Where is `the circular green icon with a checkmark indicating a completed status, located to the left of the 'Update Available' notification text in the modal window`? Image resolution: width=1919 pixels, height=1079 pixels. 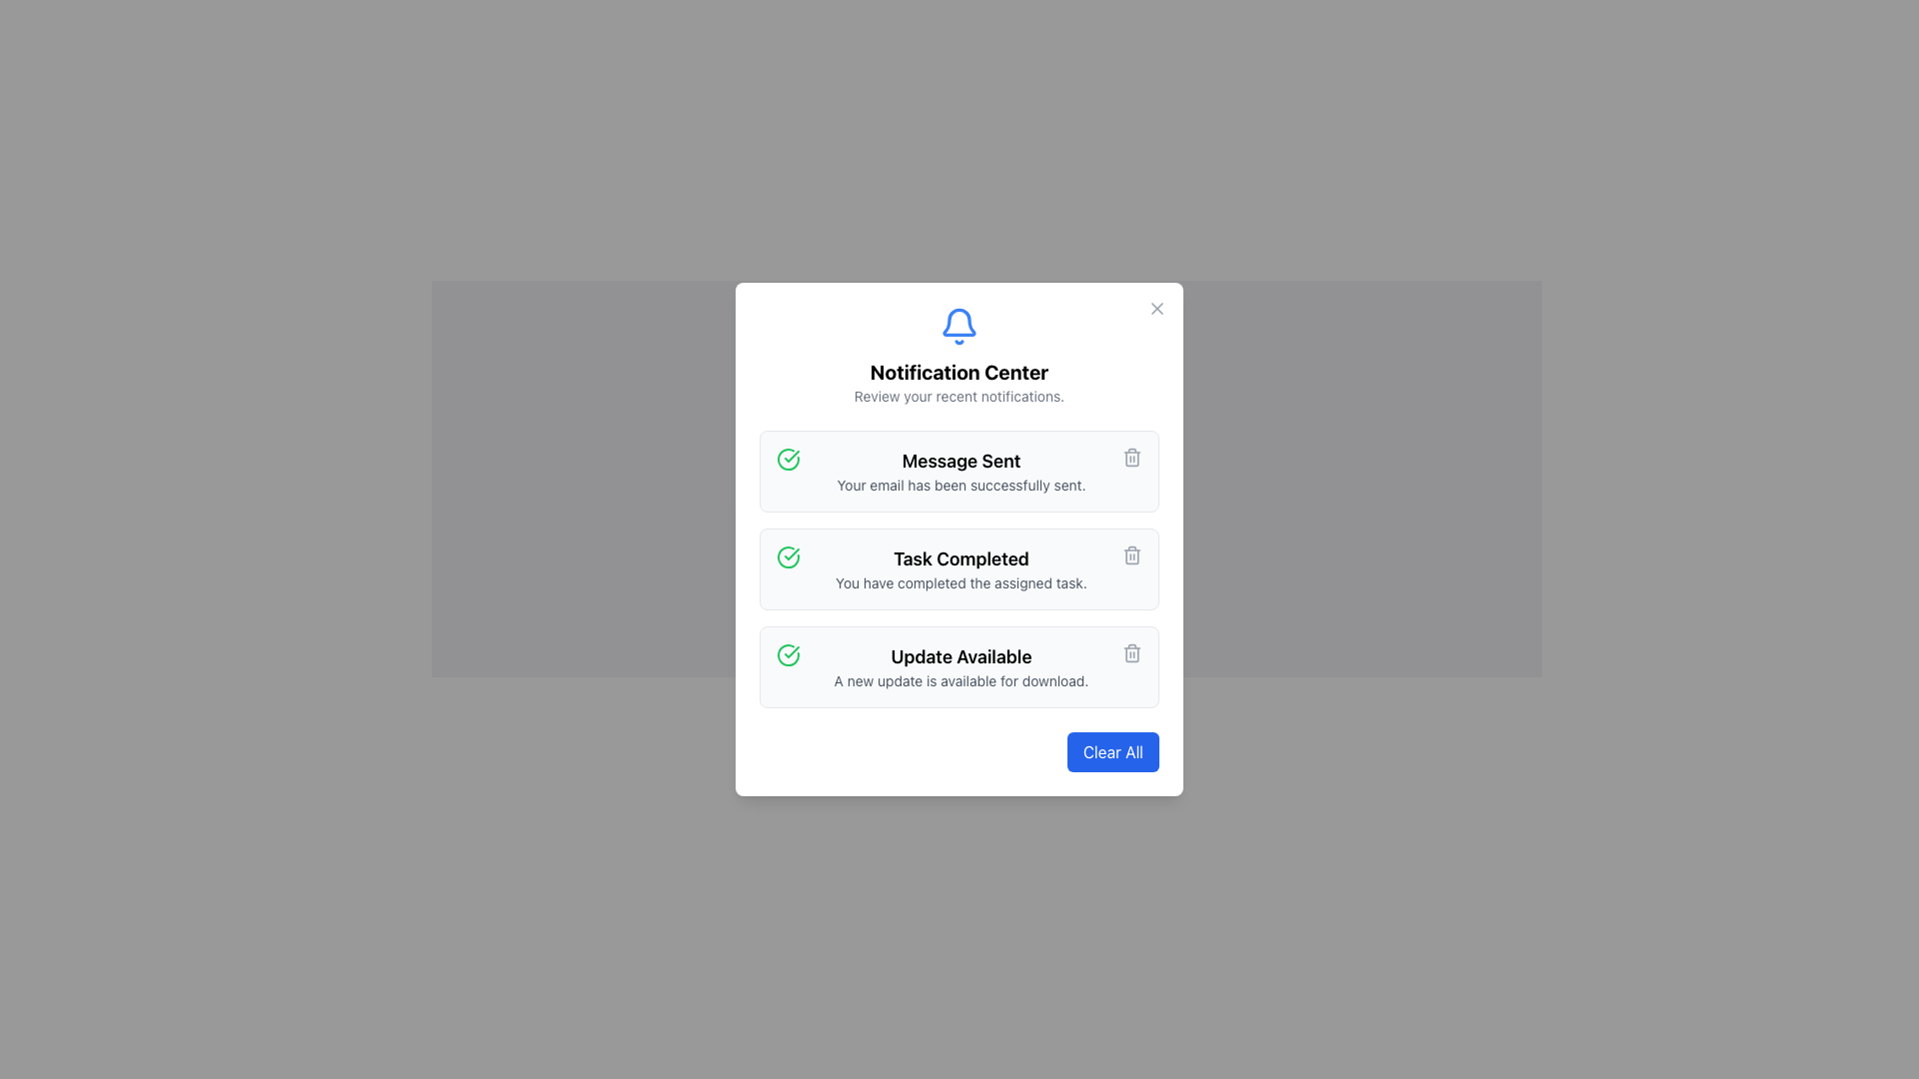 the circular green icon with a checkmark indicating a completed status, located to the left of the 'Update Available' notification text in the modal window is located at coordinates (787, 654).